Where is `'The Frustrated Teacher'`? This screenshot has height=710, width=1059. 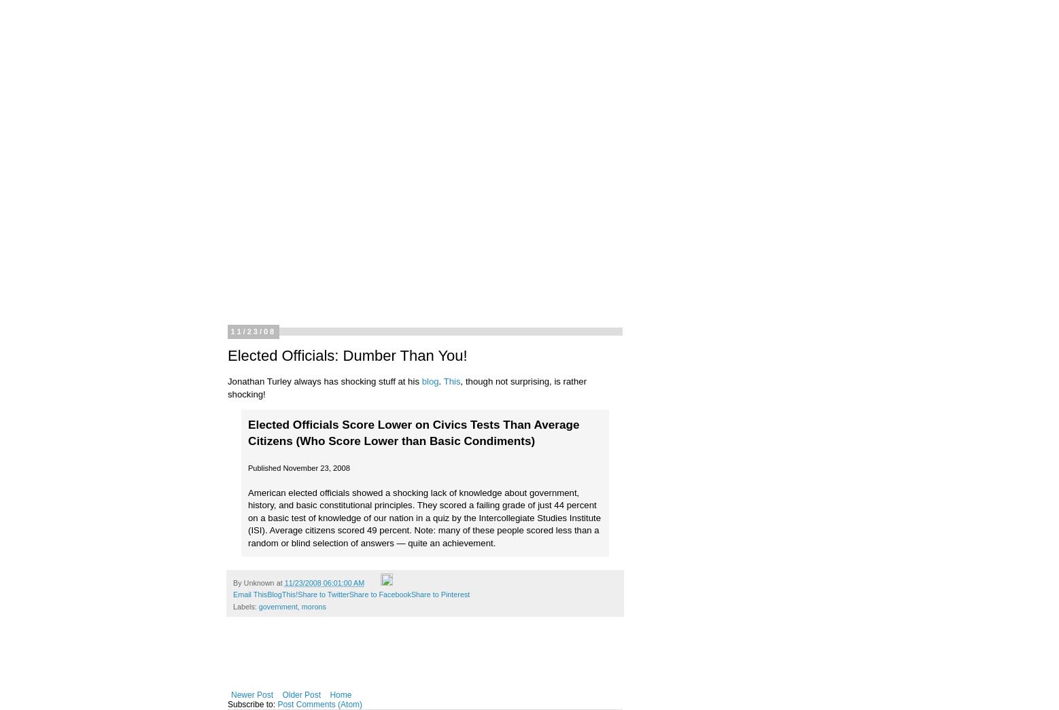 'The Frustrated Teacher' is located at coordinates (173, 59).